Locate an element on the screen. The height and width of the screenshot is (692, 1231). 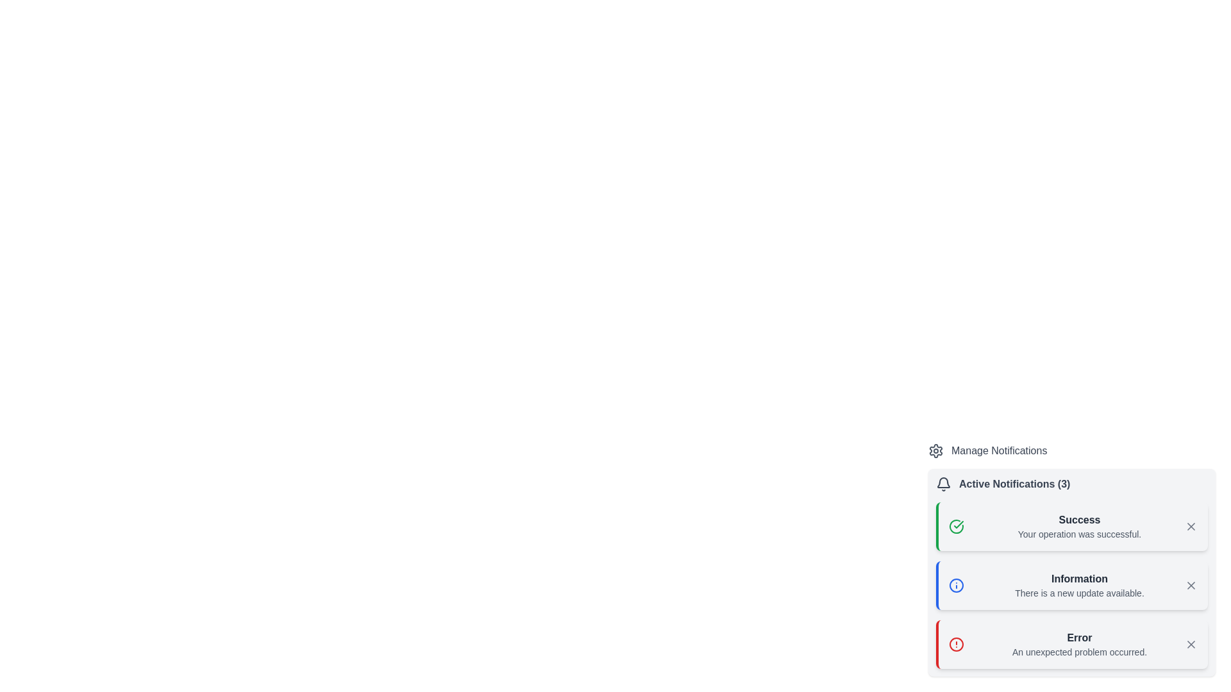
the gear-shaped icon in the 'Manage Notifications' section is located at coordinates (935, 450).